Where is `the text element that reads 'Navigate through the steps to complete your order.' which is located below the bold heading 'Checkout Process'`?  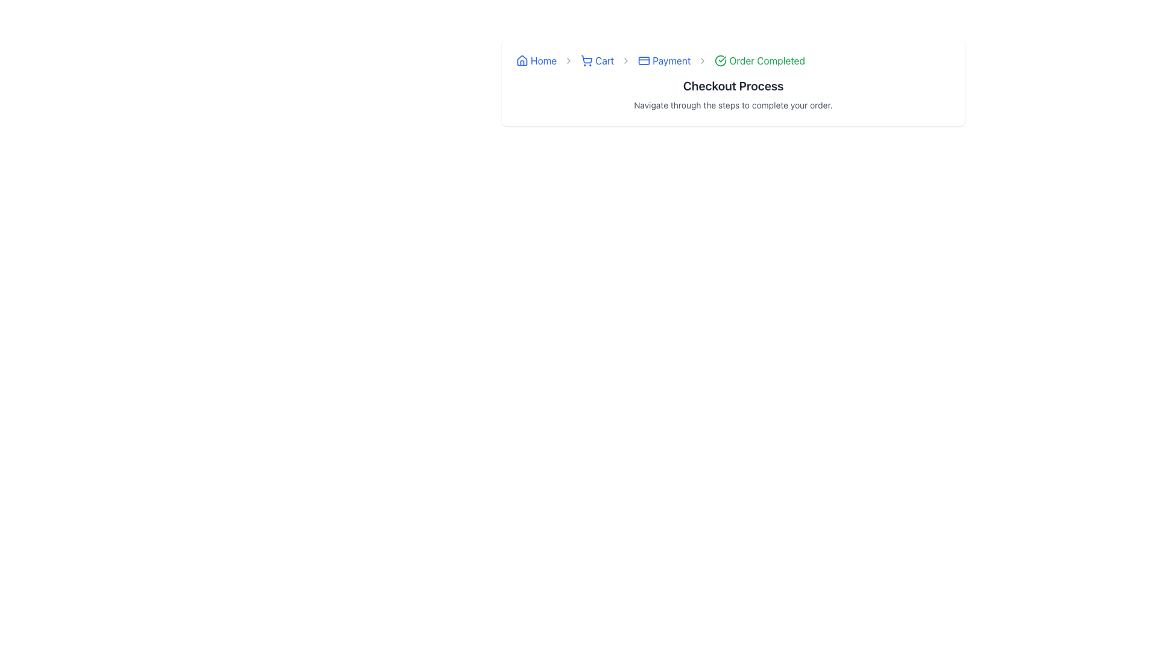
the text element that reads 'Navigate through the steps to complete your order.' which is located below the bold heading 'Checkout Process' is located at coordinates (732, 104).